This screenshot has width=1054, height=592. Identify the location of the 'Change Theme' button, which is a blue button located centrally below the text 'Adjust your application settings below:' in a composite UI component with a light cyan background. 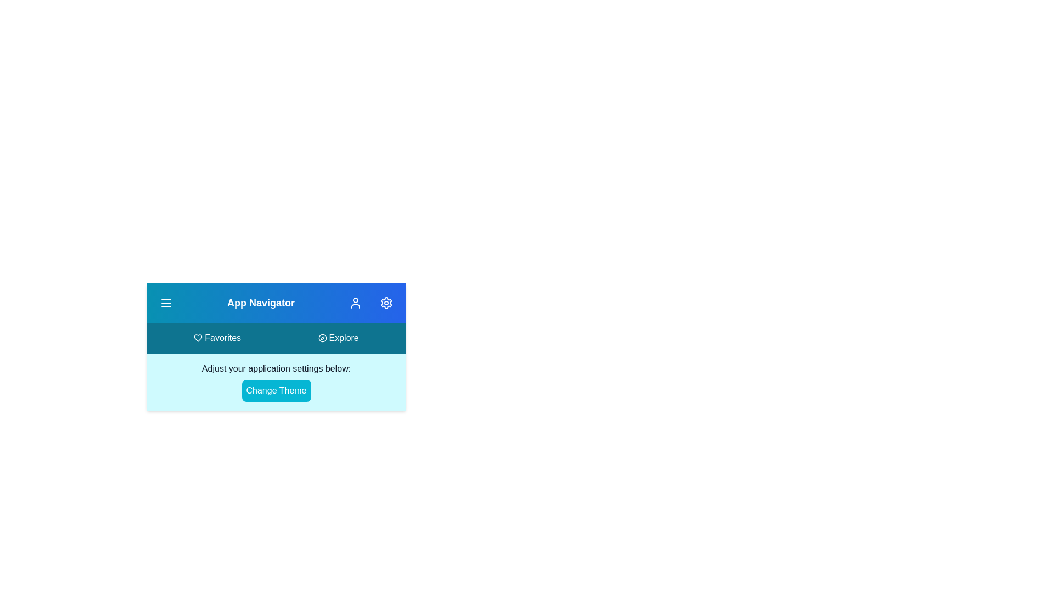
(276, 382).